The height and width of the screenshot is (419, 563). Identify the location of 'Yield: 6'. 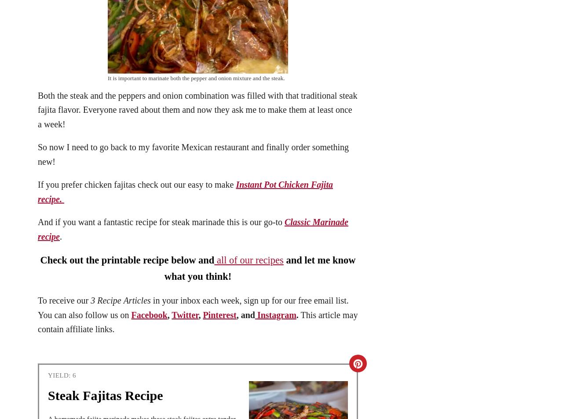
(62, 375).